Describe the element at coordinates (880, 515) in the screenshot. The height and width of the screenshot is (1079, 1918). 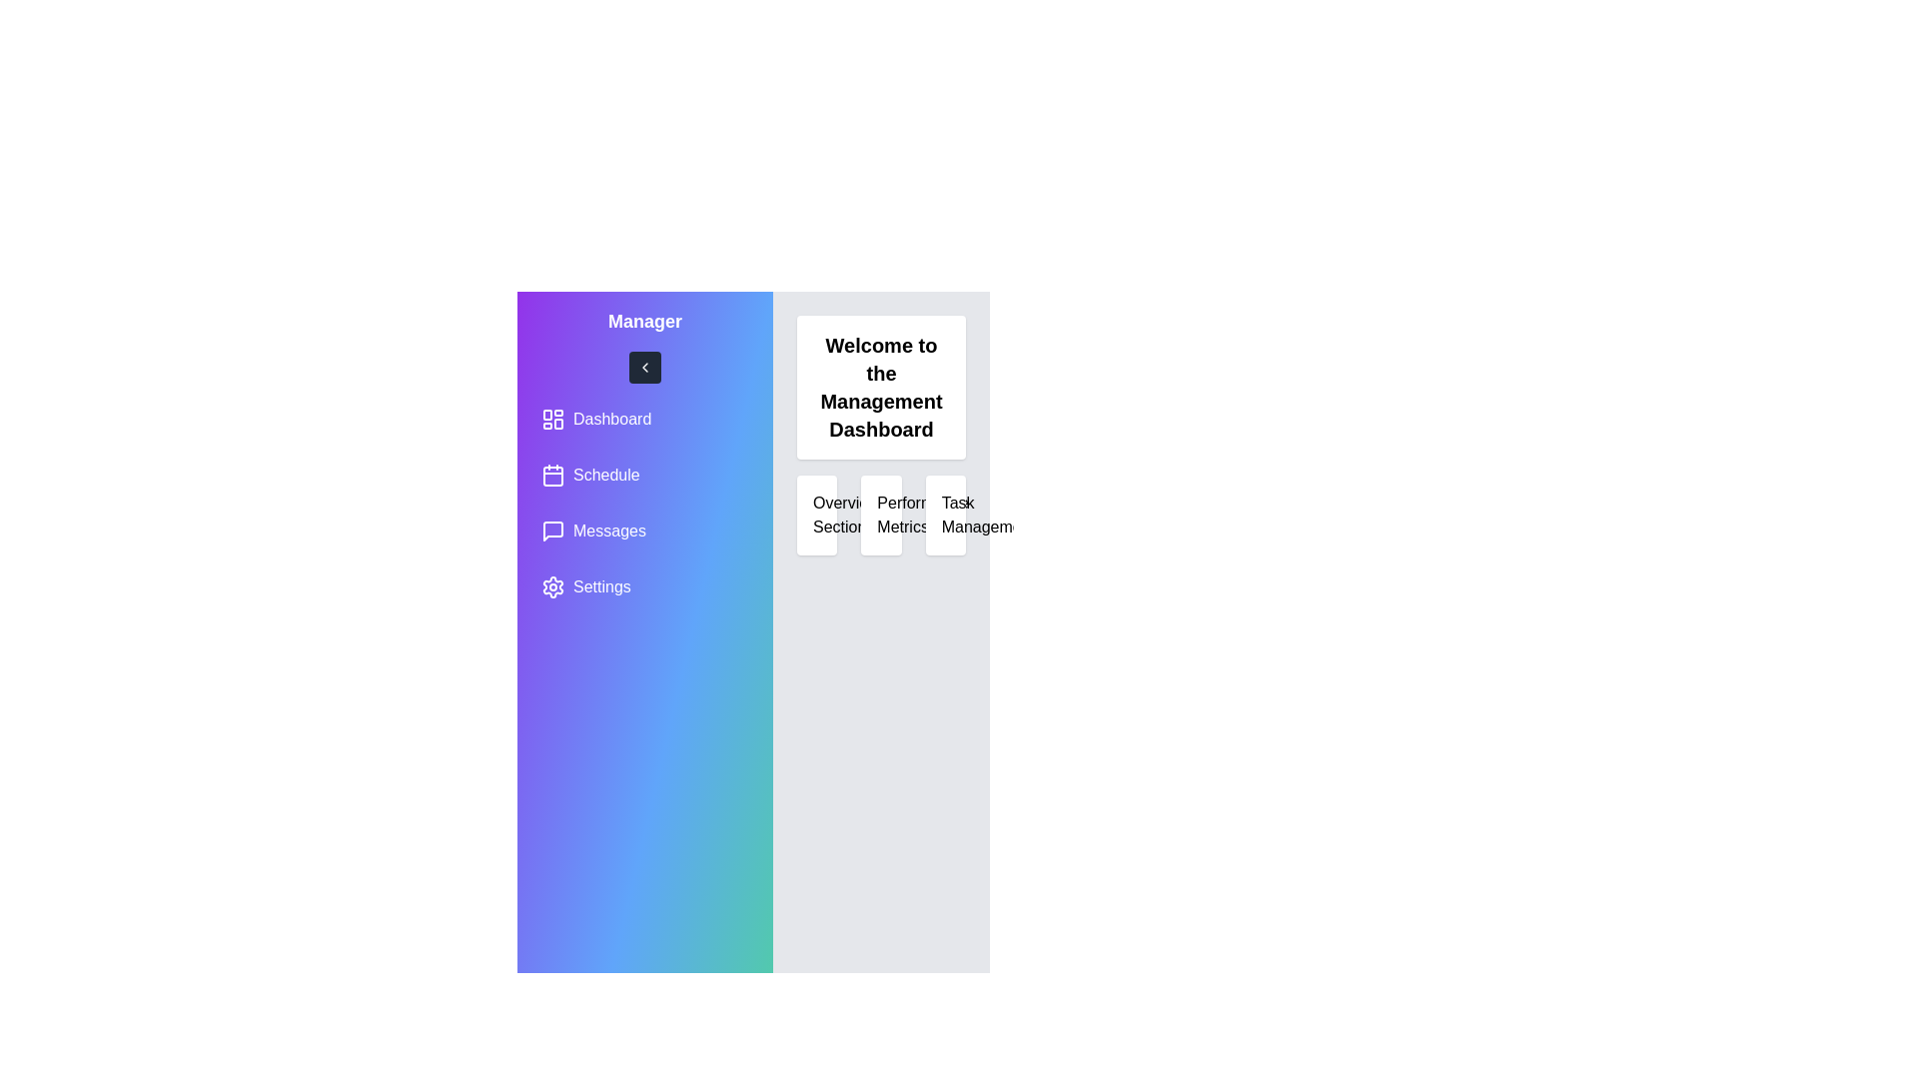
I see `the Information Card, which is the middle box in the series of three components below the 'Welcome to the Management Dashboard' header` at that location.